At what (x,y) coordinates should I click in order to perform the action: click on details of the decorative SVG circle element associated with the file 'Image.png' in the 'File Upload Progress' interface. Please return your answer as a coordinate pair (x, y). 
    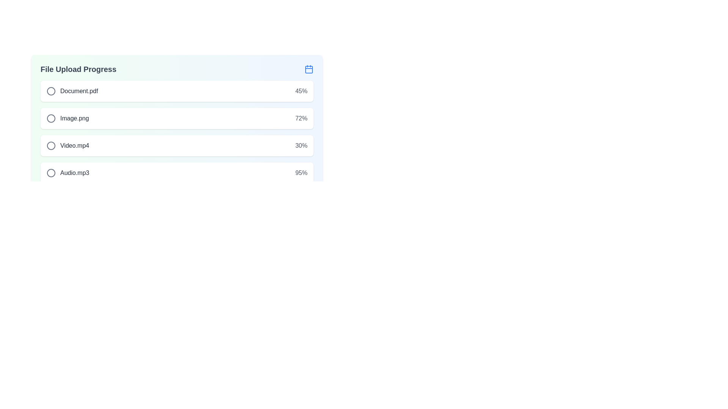
    Looking at the image, I should click on (50, 118).